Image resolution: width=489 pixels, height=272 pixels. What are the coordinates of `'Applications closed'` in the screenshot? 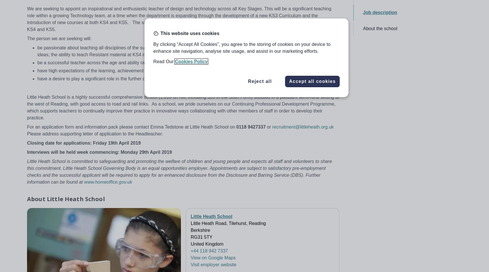 It's located at (53, 136).